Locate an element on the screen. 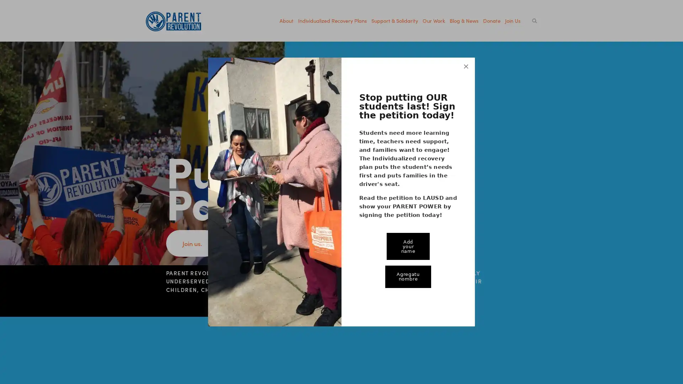 This screenshot has width=683, height=384. Close is located at coordinates (466, 57).